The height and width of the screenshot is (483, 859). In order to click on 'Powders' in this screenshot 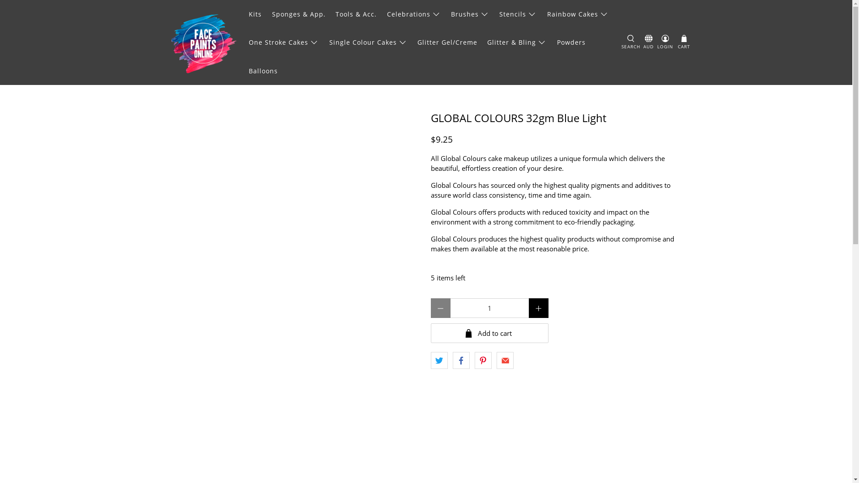, I will do `click(570, 42)`.